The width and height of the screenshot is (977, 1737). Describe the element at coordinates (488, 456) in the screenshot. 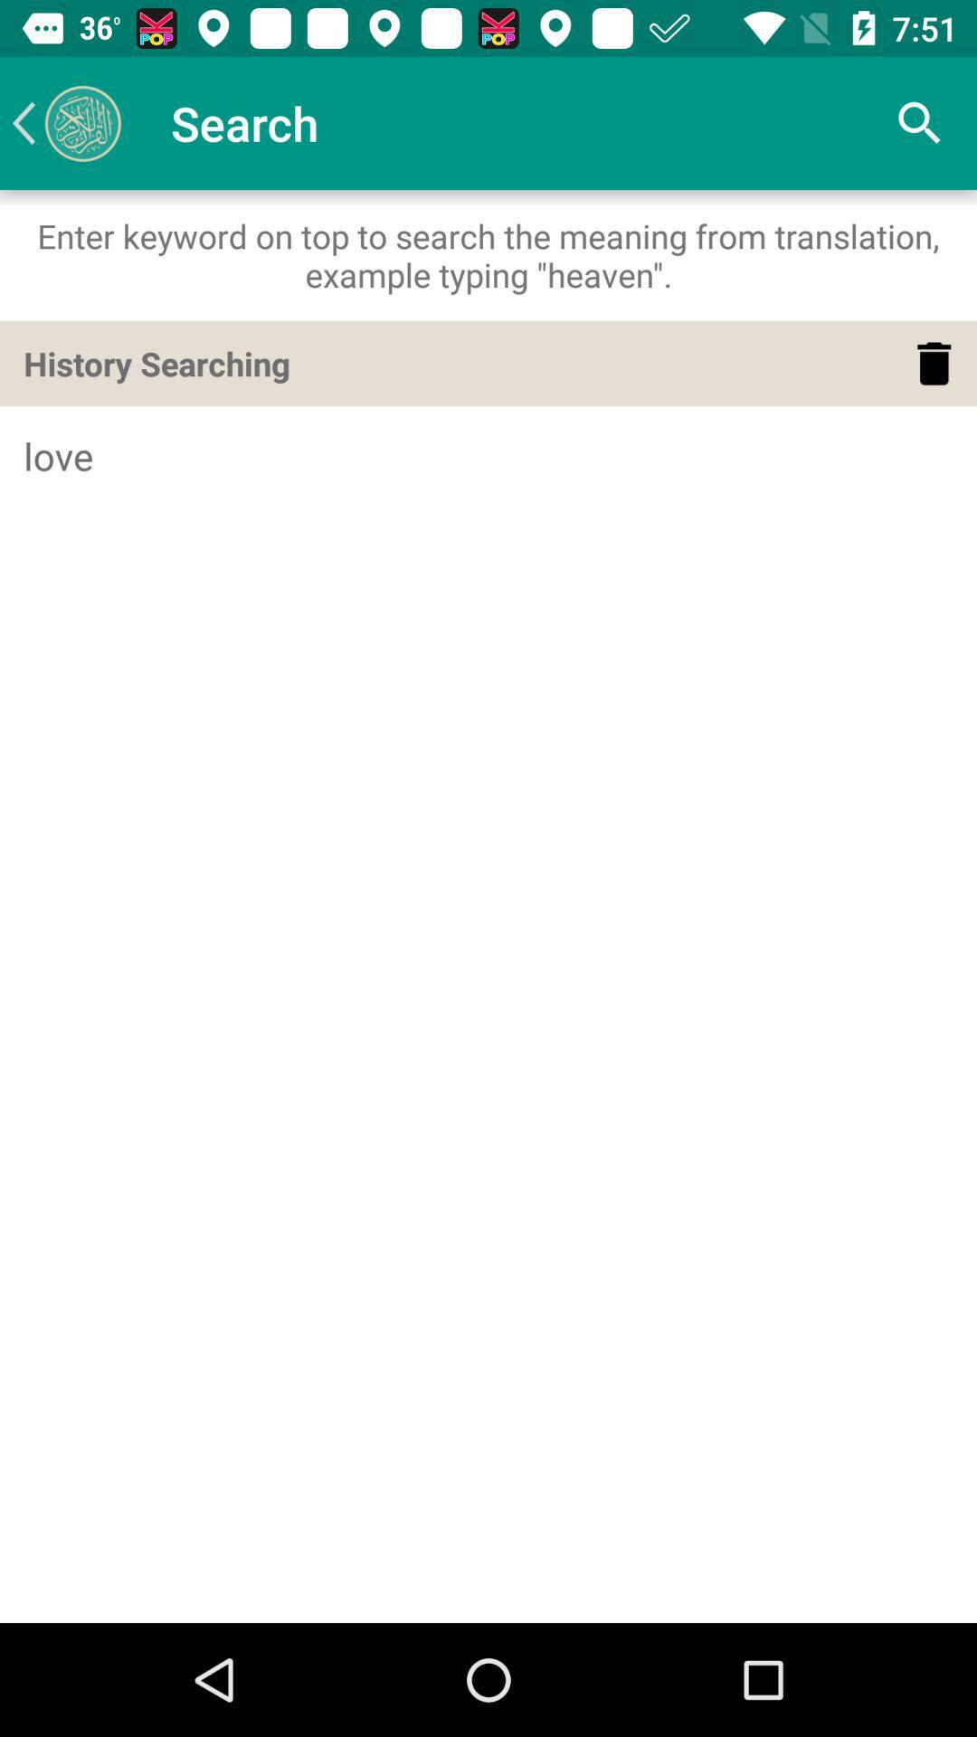

I see `love item` at that location.